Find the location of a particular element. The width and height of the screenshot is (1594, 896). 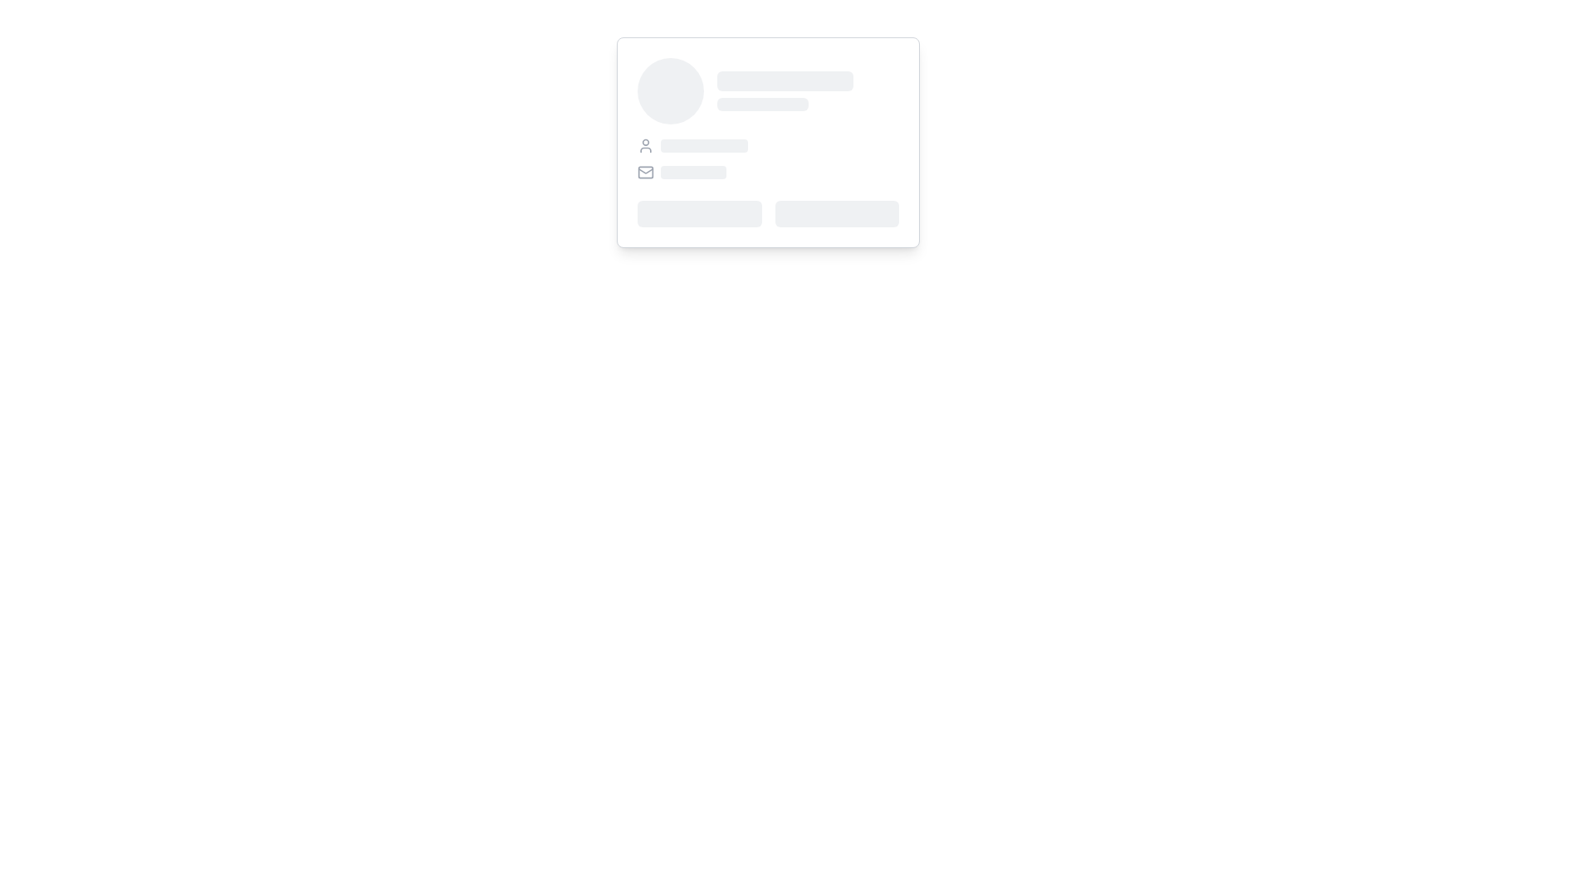

the vector graphic element that is part of the mail icon, which signifies an email or messaging feature, positioned immediately to the left of a text field and below a small user profile icon is located at coordinates (644, 173).